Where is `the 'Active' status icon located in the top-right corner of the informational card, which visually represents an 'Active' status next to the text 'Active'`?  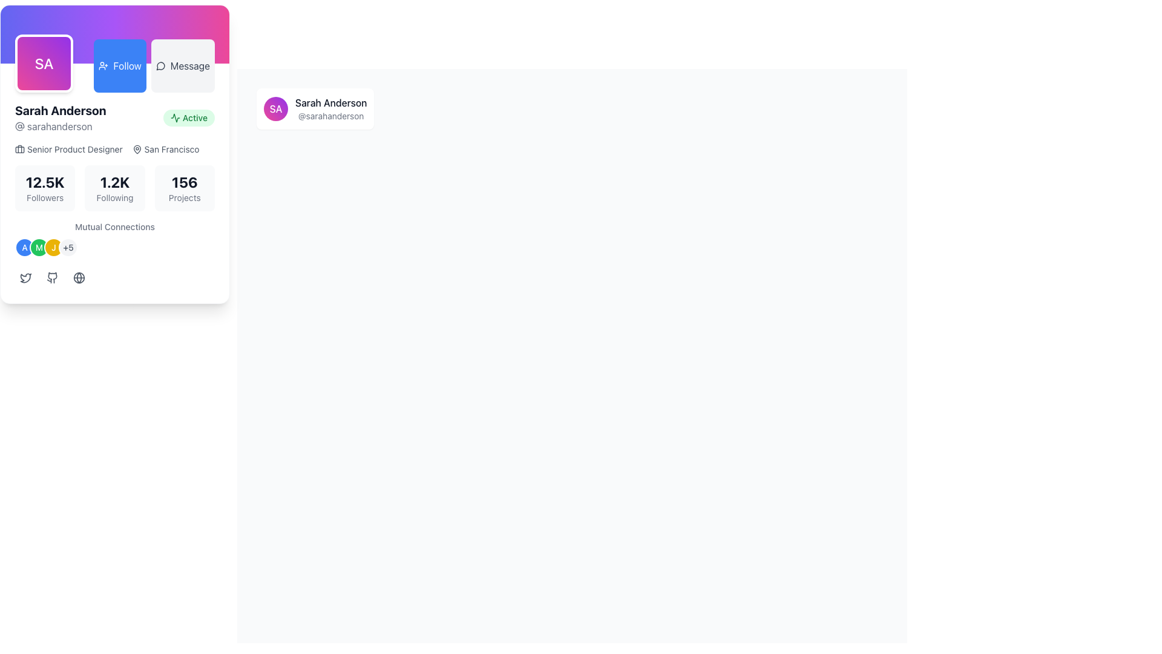 the 'Active' status icon located in the top-right corner of the informational card, which visually represents an 'Active' status next to the text 'Active' is located at coordinates (174, 118).